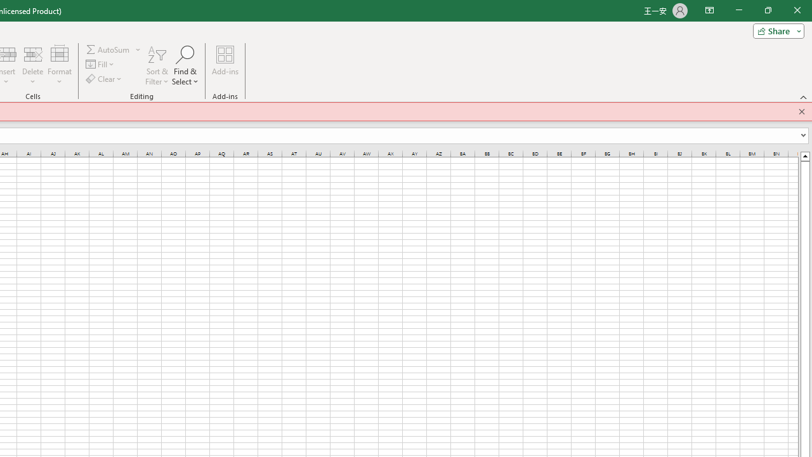  Describe the element at coordinates (108, 49) in the screenshot. I see `'Sum'` at that location.